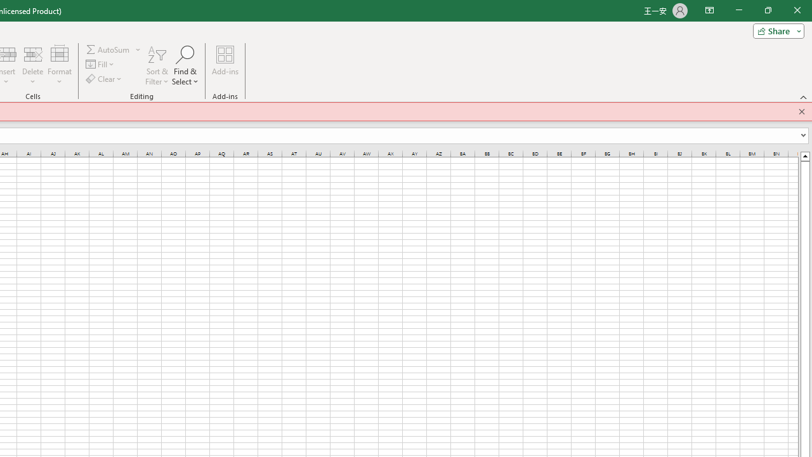  Describe the element at coordinates (108, 49) in the screenshot. I see `'Sum'` at that location.